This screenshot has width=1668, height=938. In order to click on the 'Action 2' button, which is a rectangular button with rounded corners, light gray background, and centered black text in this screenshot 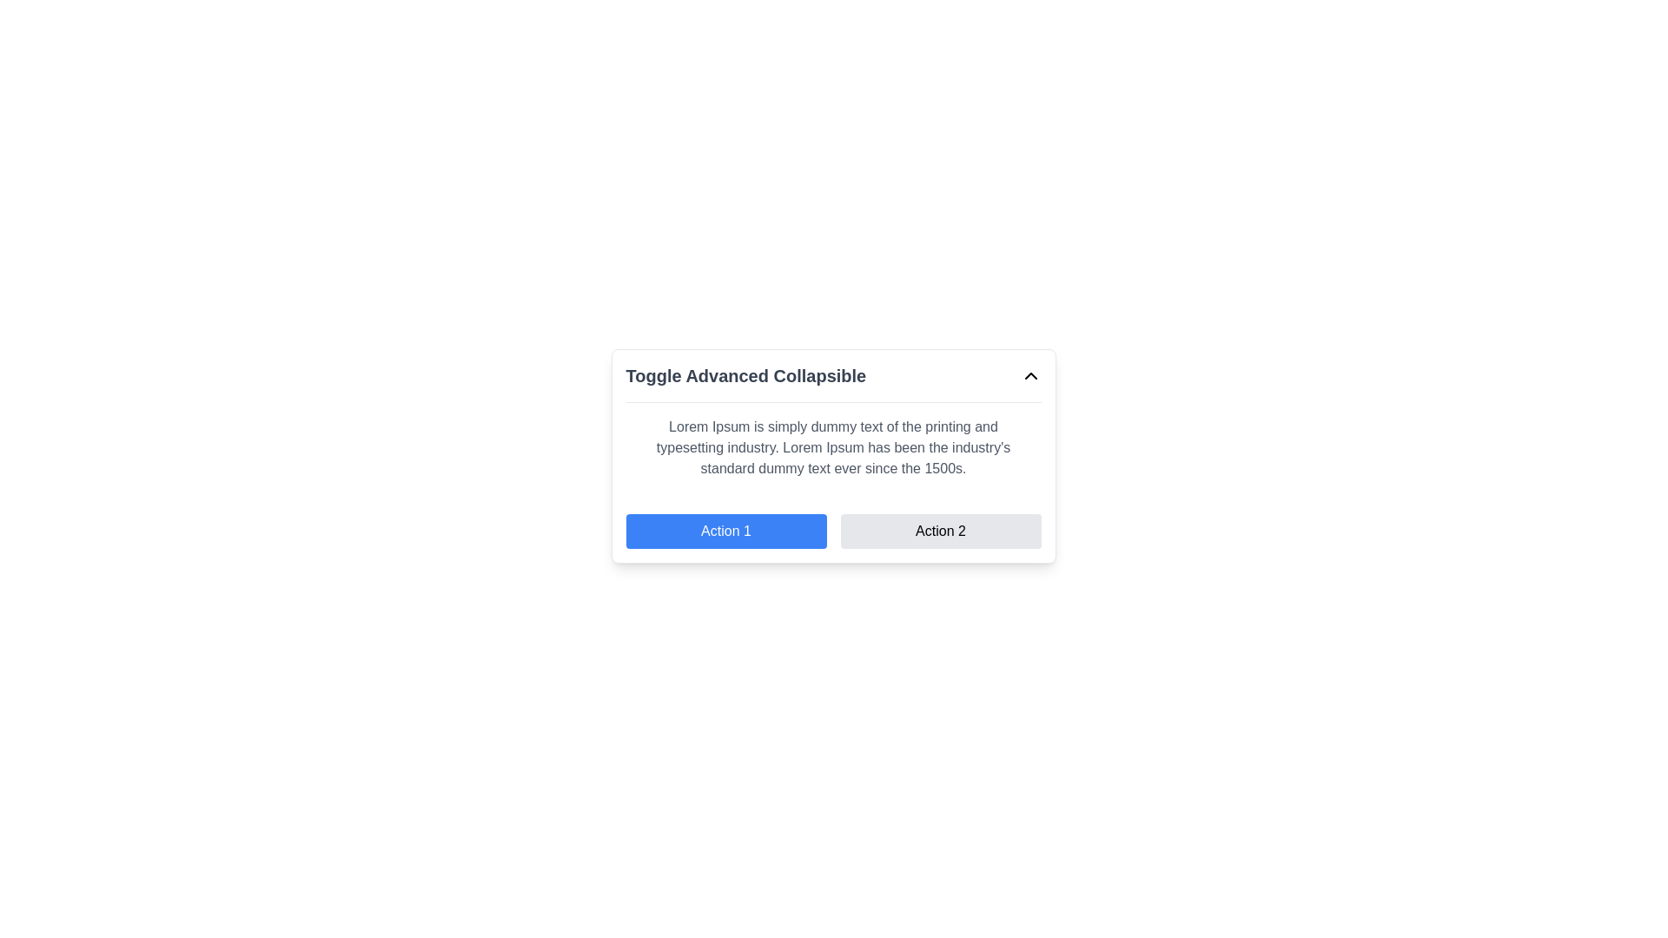, I will do `click(940, 531)`.